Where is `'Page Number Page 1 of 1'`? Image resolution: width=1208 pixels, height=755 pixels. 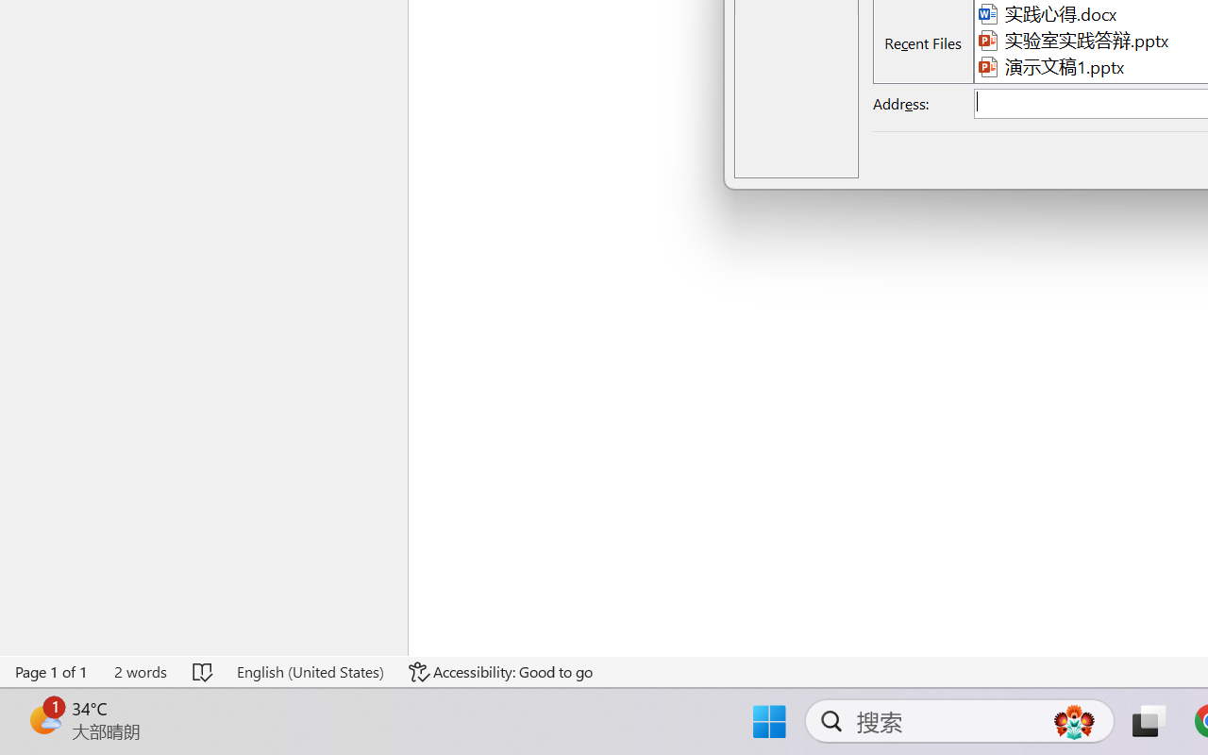 'Page Number Page 1 of 1' is located at coordinates (52, 671).